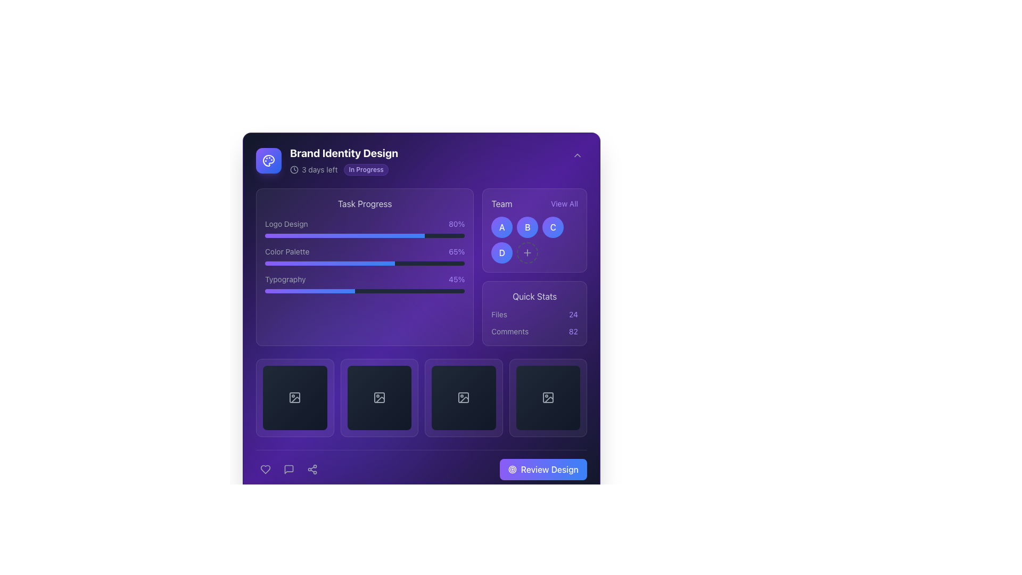 This screenshot has width=1022, height=575. What do you see at coordinates (528, 227) in the screenshot?
I see `the second circular badge labeled 'B' in the row under the 'Team' heading, located on the right side of the interface` at bounding box center [528, 227].